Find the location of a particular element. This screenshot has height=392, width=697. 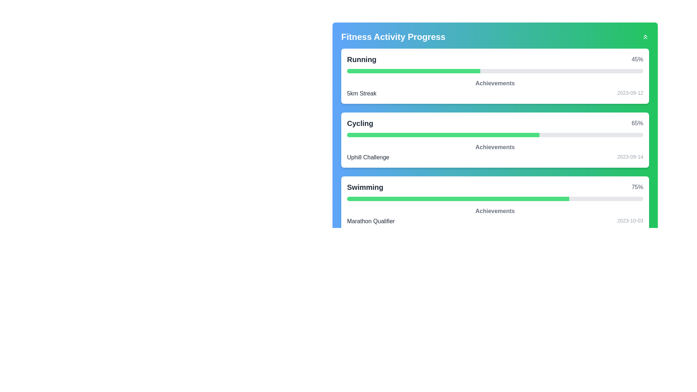

the progress bar representing the user's swimming activity, which shows a completion percentage of 75% and is the third item in the vertical list of progress metrics is located at coordinates (494, 204).